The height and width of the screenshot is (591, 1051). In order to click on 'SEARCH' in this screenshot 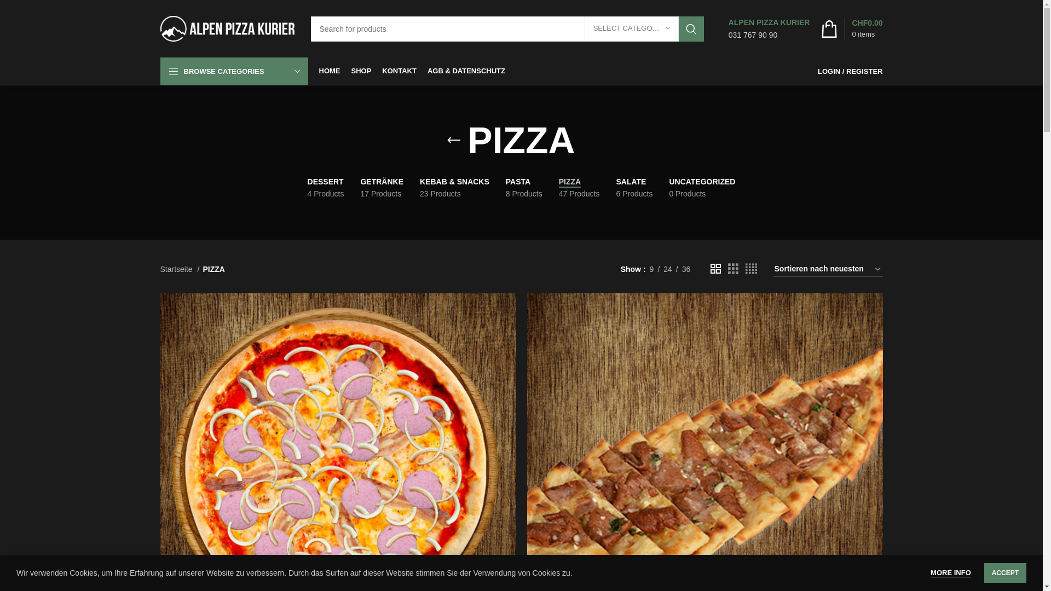, I will do `click(678, 28)`.